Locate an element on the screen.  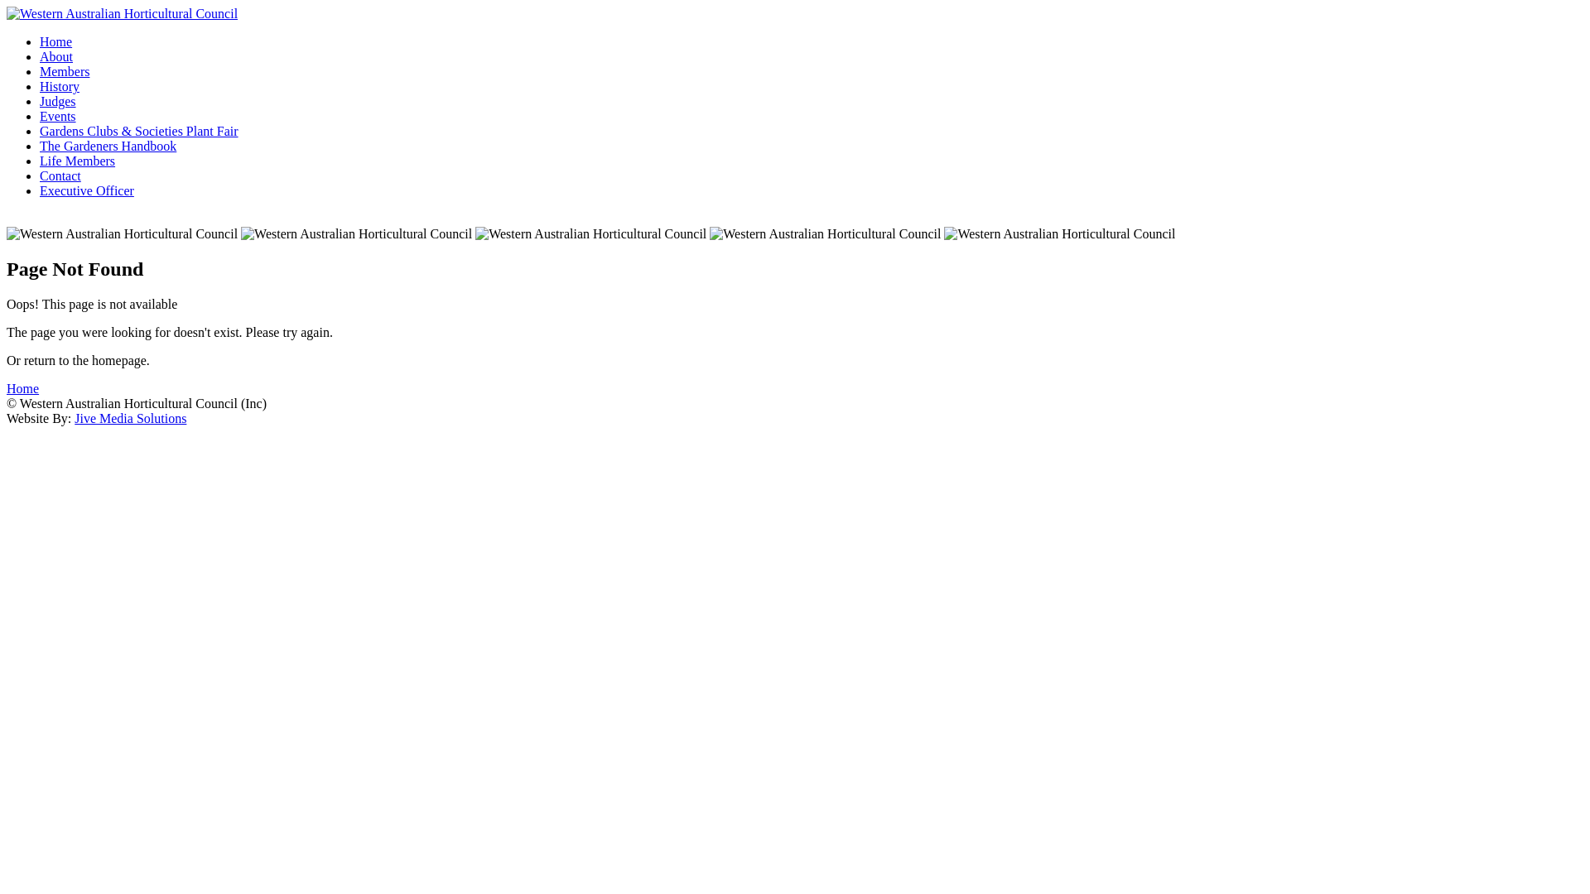
'Members' is located at coordinates (64, 70).